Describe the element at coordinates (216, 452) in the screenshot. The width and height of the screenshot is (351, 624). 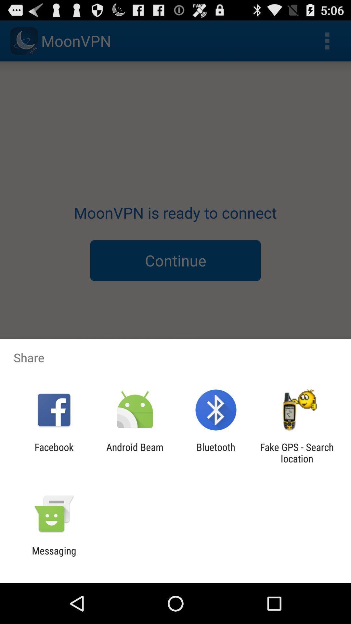
I see `item next to fake gps search item` at that location.